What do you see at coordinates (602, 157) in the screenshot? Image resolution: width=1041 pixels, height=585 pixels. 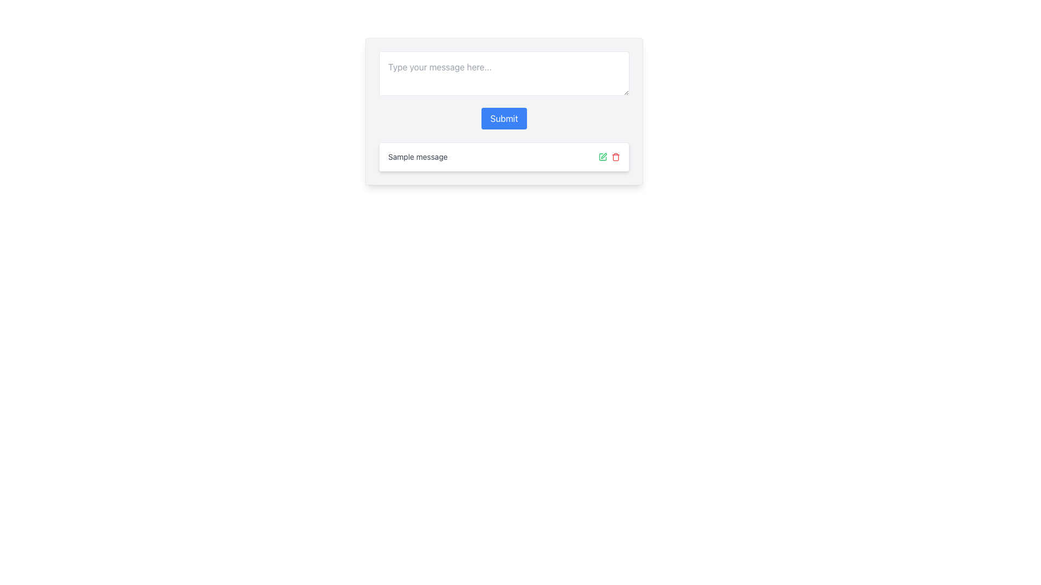 I see `the small green pen icon next to the text label 'Sample message'` at bounding box center [602, 157].